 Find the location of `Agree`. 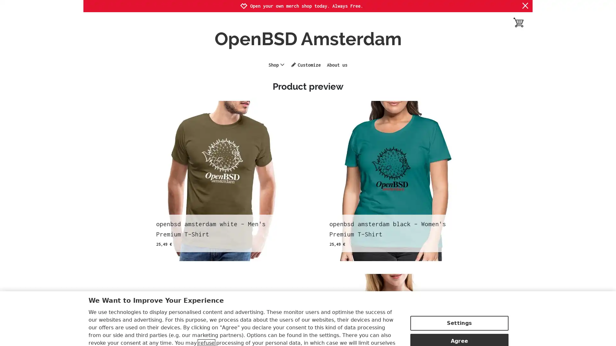

Agree is located at coordinates (459, 309).